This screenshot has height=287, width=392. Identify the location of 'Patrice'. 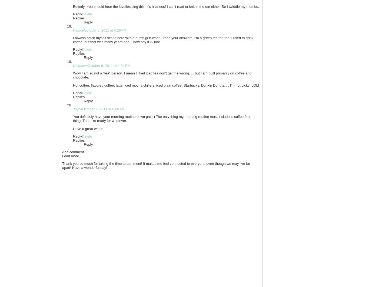
(73, 30).